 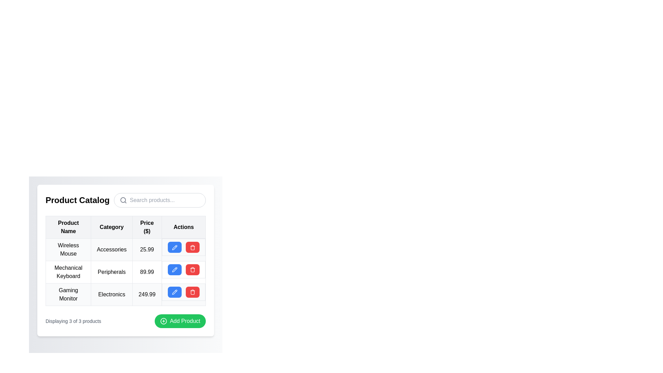 I want to click on the edit button located in the 'Actions' column of the row labeled 'Mechanical Keyboard' to modify details, so click(x=184, y=269).